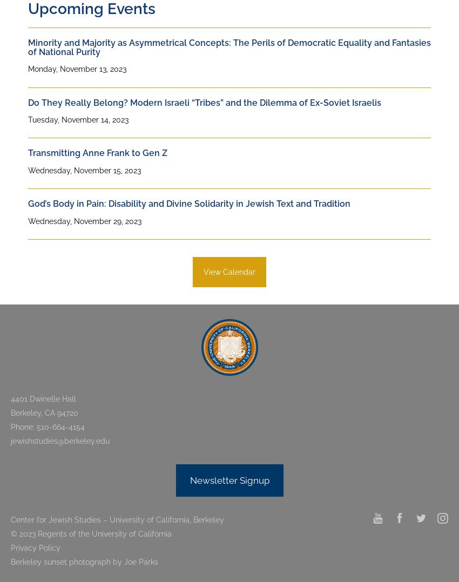 The height and width of the screenshot is (582, 459). I want to click on 'Monday, November 13, 2023', so click(77, 69).